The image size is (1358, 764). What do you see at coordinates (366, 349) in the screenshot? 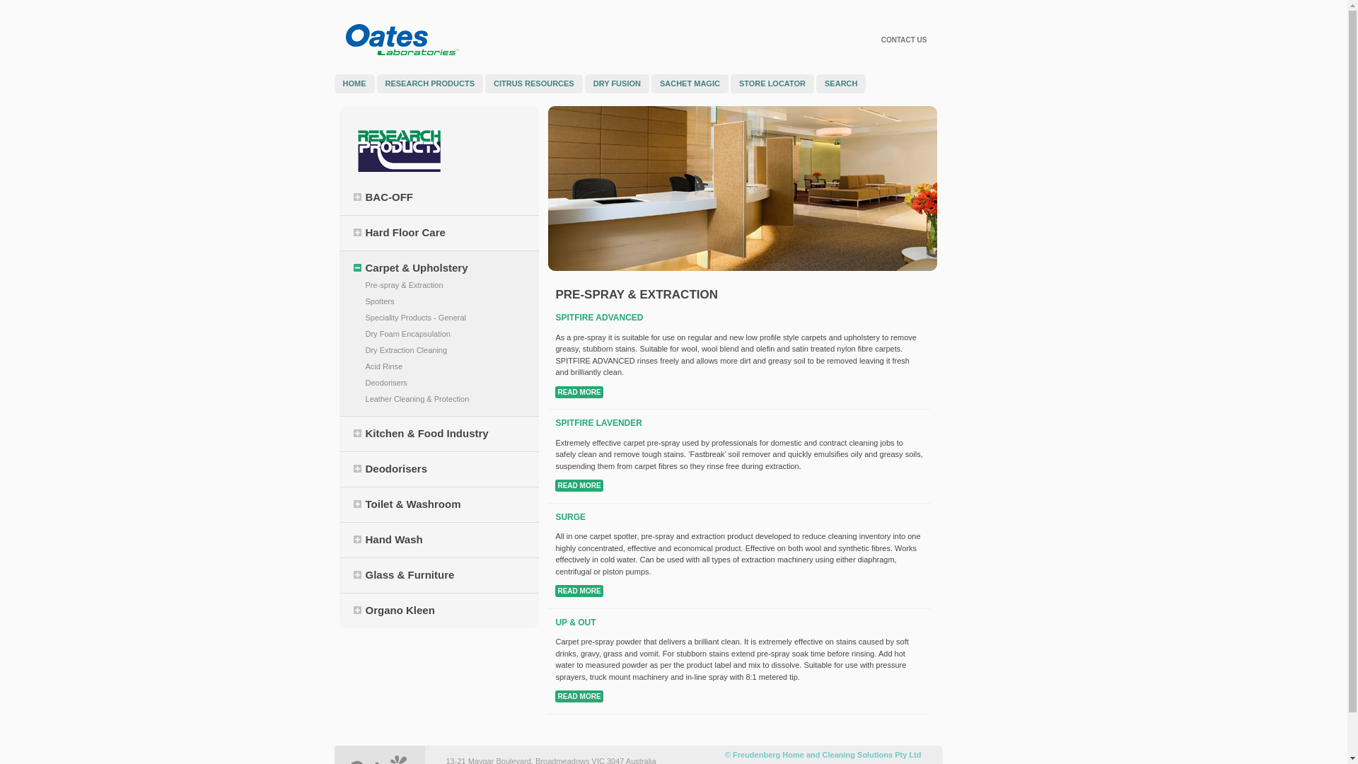
I see `'Dry Extraction Cleaning'` at bounding box center [366, 349].